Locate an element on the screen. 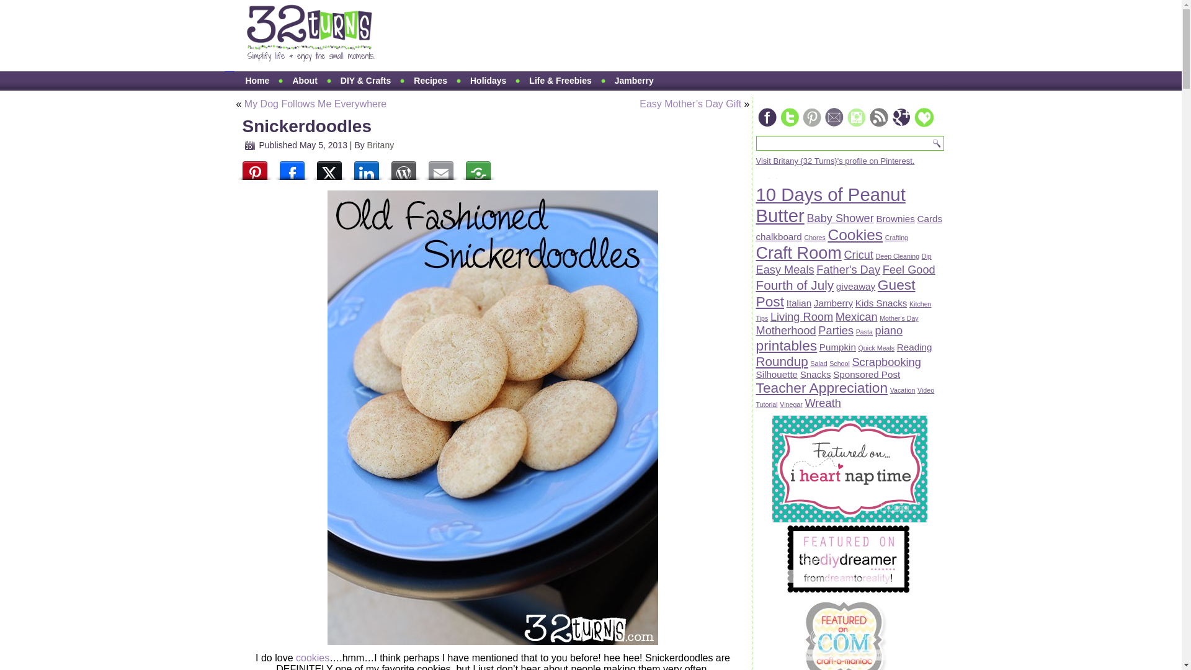 Image resolution: width=1191 pixels, height=670 pixels. 'Roundup' is located at coordinates (780, 361).